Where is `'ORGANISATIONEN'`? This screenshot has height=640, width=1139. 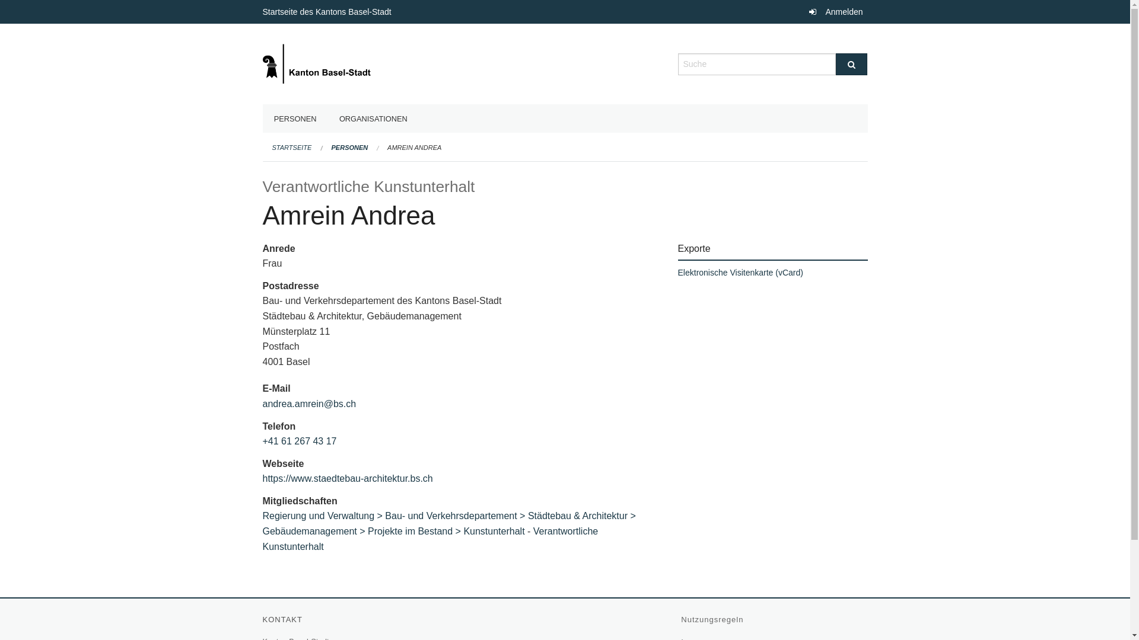 'ORGANISATIONEN' is located at coordinates (327, 119).